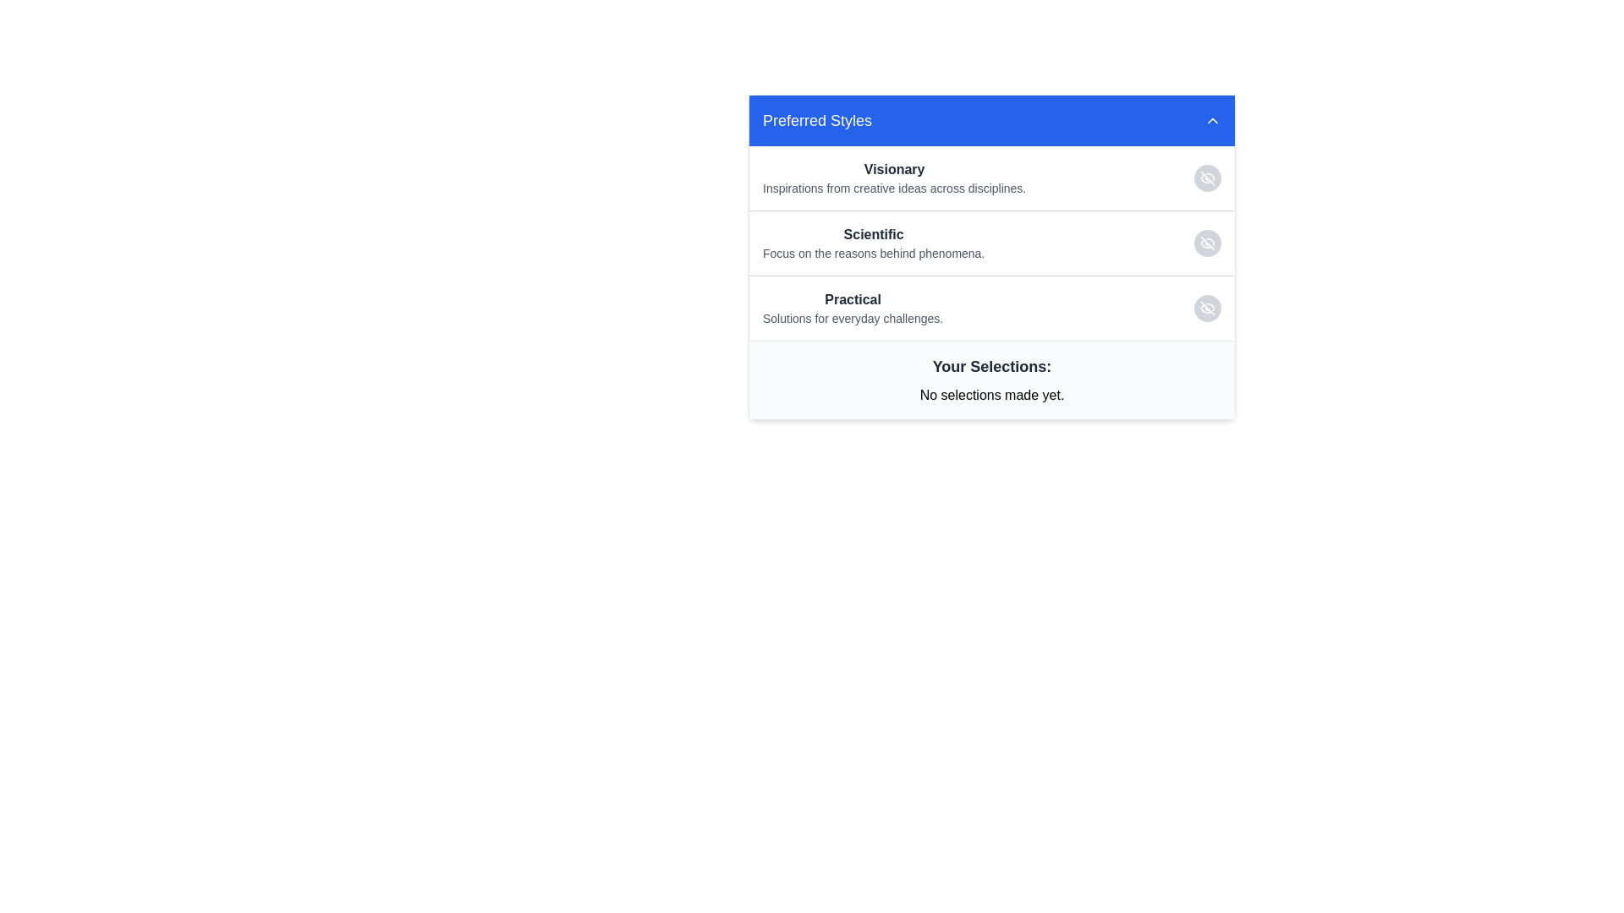 Image resolution: width=1624 pixels, height=913 pixels. I want to click on the 'eye-off' icon on the first item in the 'Preferred Styles' list, so click(991, 178).